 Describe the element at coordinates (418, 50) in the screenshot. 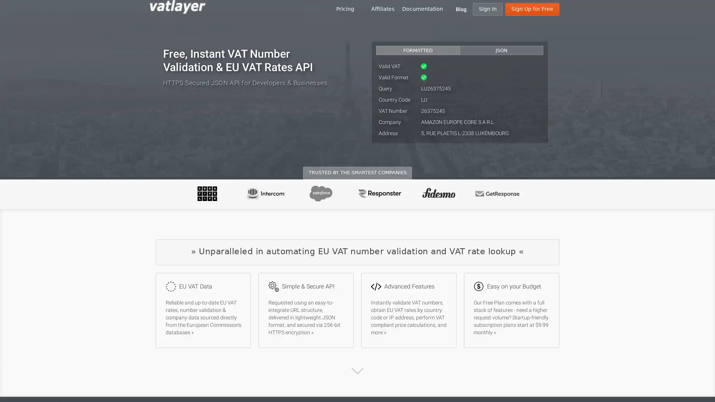

I see `FORMATTED` at that location.